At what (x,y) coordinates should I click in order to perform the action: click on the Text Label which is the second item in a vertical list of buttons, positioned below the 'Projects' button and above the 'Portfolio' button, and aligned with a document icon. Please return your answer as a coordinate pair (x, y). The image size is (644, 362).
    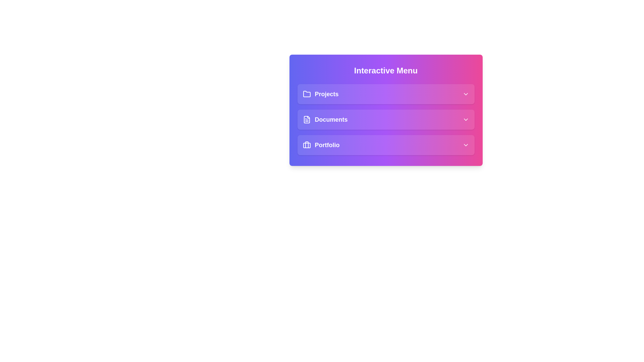
    Looking at the image, I should click on (331, 119).